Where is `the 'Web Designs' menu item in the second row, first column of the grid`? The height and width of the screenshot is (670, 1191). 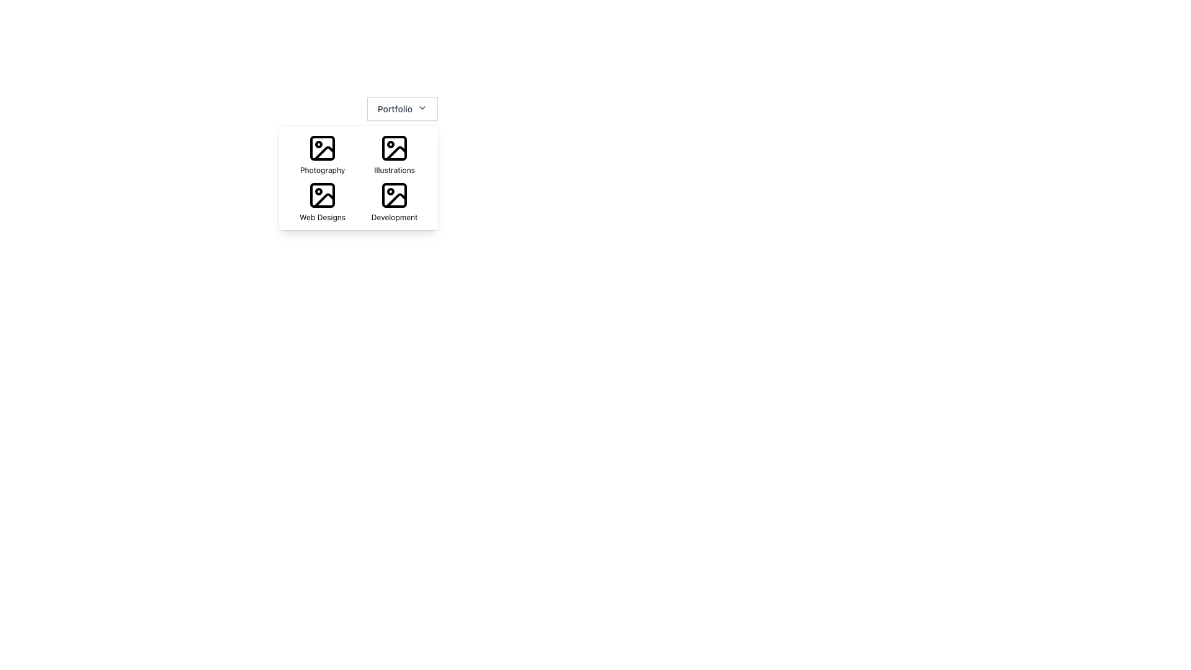 the 'Web Designs' menu item in the second row, first column of the grid is located at coordinates (323, 200).